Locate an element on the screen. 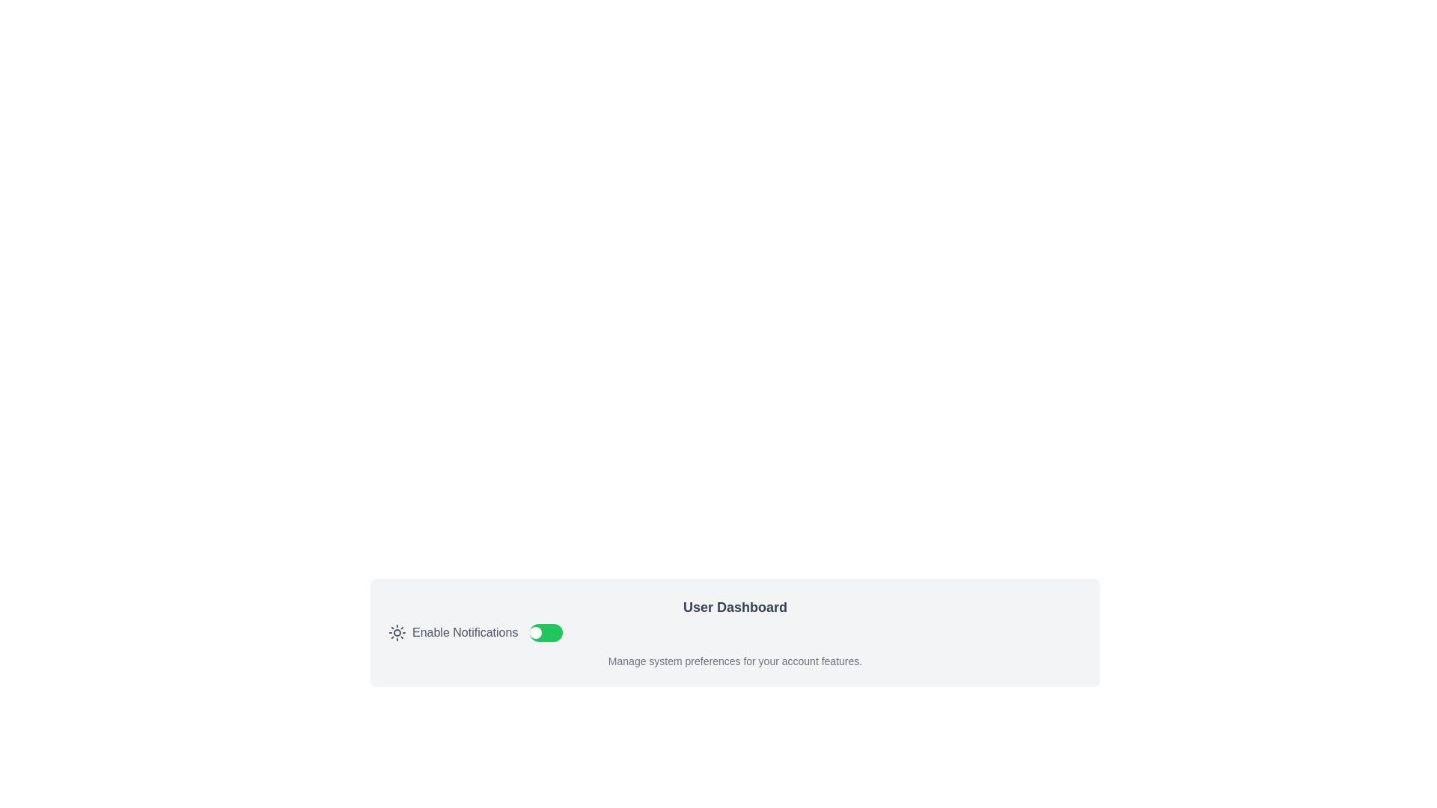 The height and width of the screenshot is (808, 1437). the notification icon located to the immediate left of the 'Enable Notifications' text within the light-colored card layout is located at coordinates (397, 632).